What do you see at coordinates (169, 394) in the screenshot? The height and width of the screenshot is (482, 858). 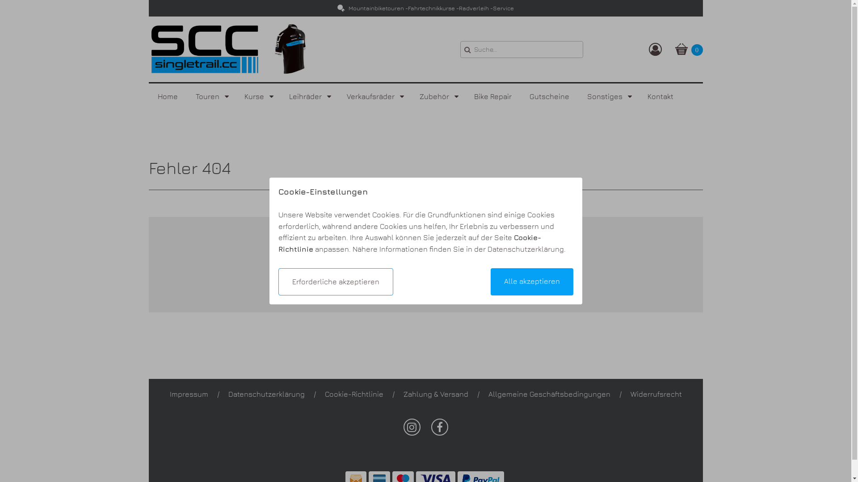 I see `'Impressum'` at bounding box center [169, 394].